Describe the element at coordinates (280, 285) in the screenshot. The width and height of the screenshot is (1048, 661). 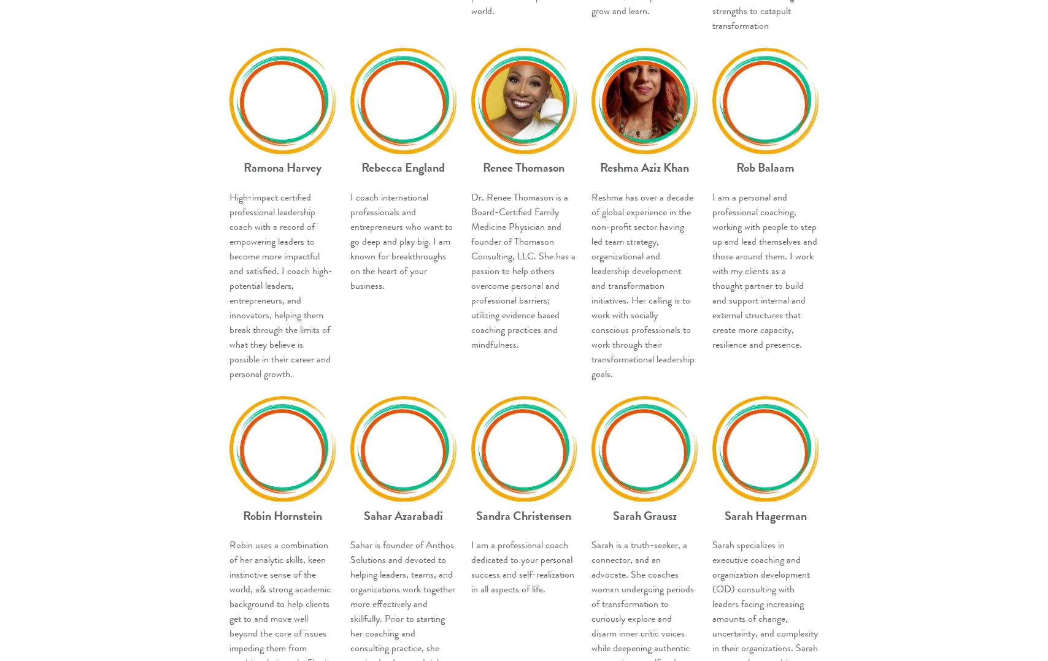
I see `'High-impact certified professional leadership coach with a record of empowering leaders to become more impactful and satisfied. I coach high-potential leaders, entrepreneurs, and innovators, helping them break through the limits of what they believe is possible in their career and personal growth.'` at that location.